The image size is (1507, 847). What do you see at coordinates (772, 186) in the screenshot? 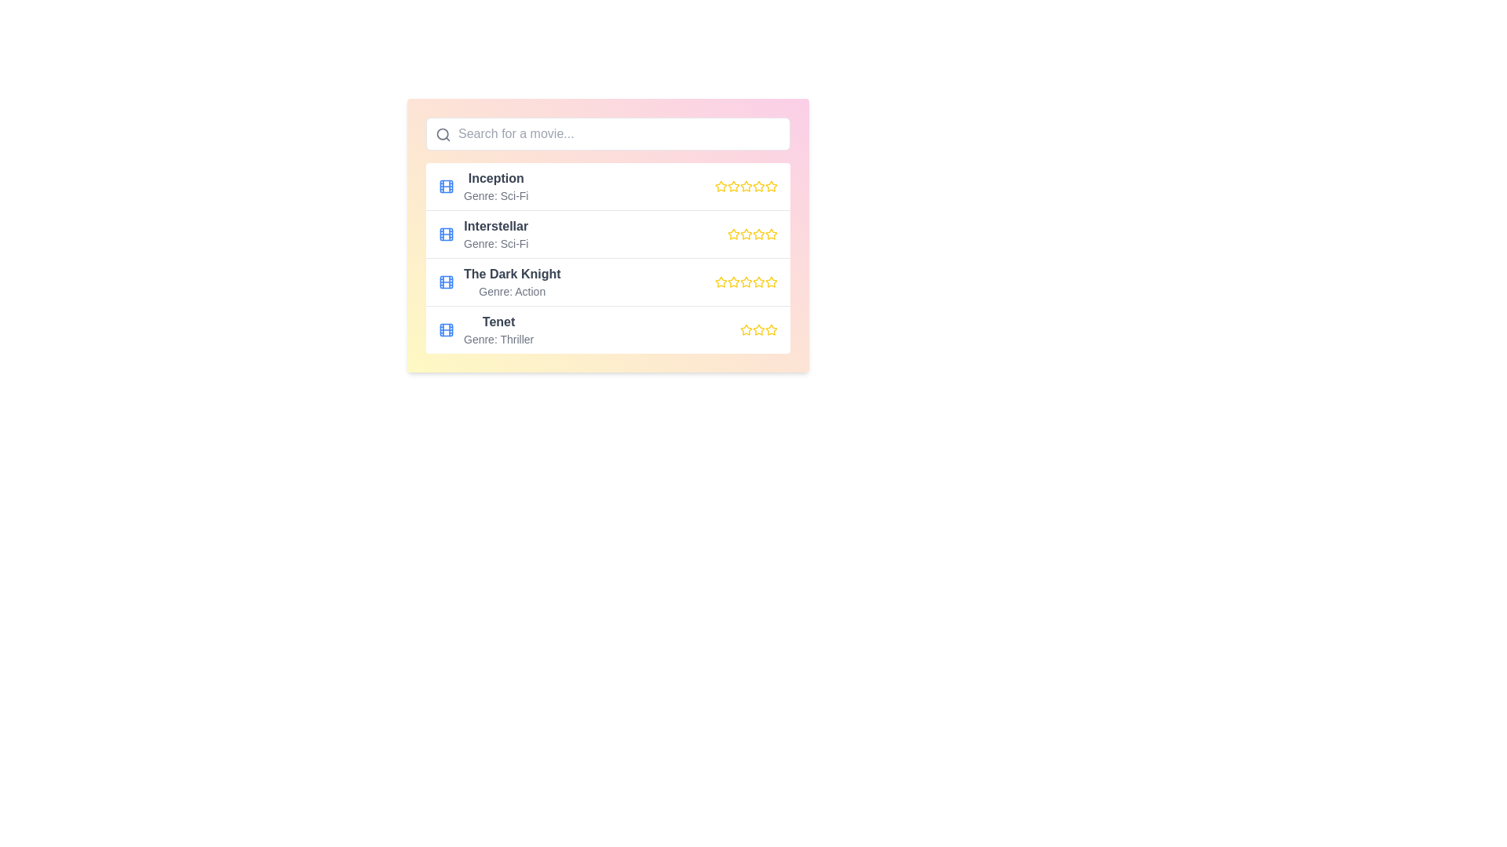
I see `the fifth star icon in the rating system for the movie 'Inception' to indicate a five-star rating` at bounding box center [772, 186].